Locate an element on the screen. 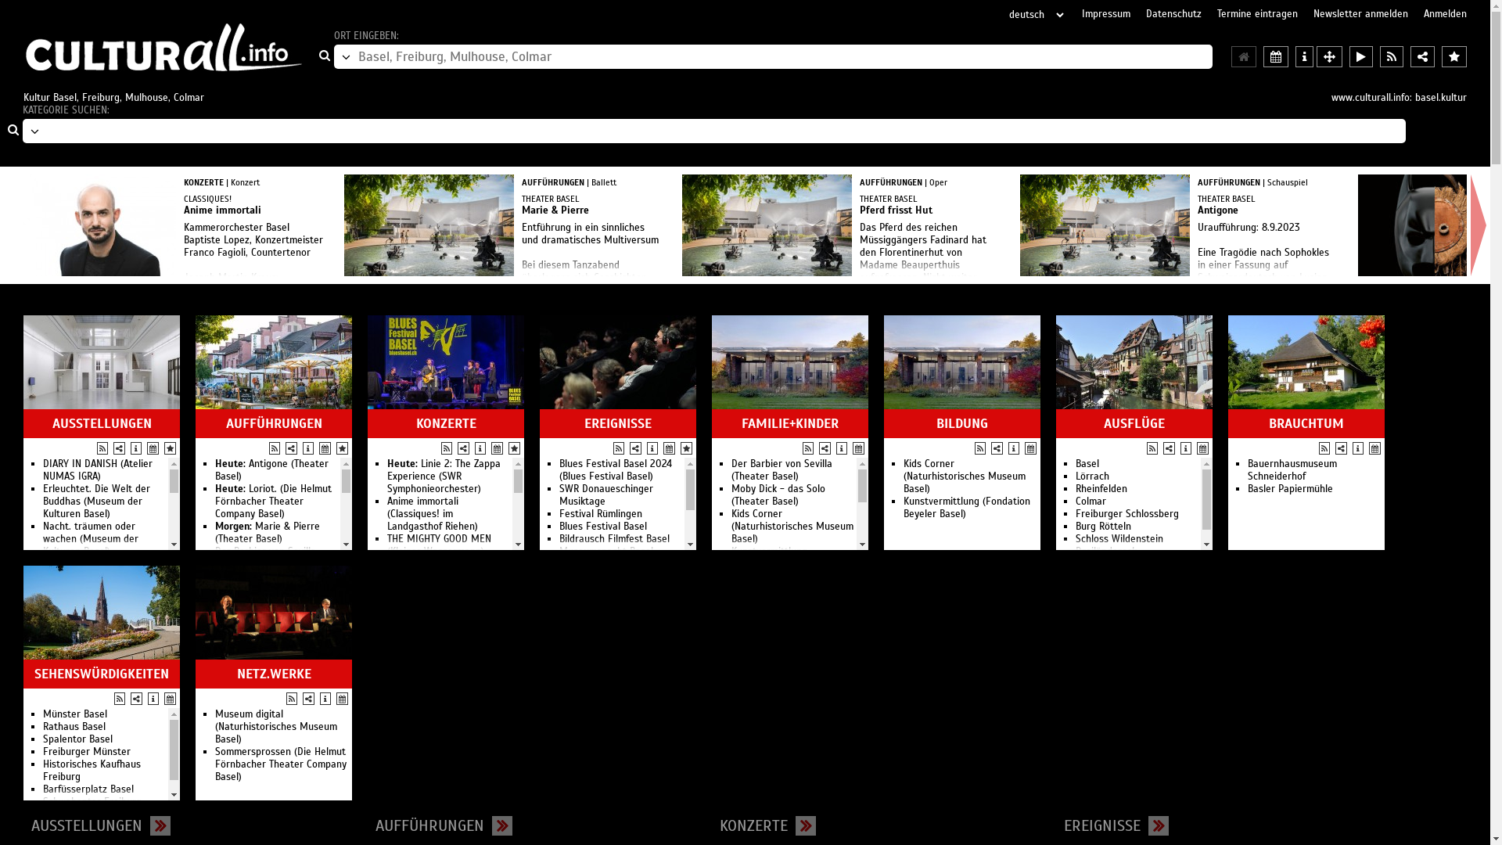  'Freiburger Schlossberg' is located at coordinates (1126, 513).